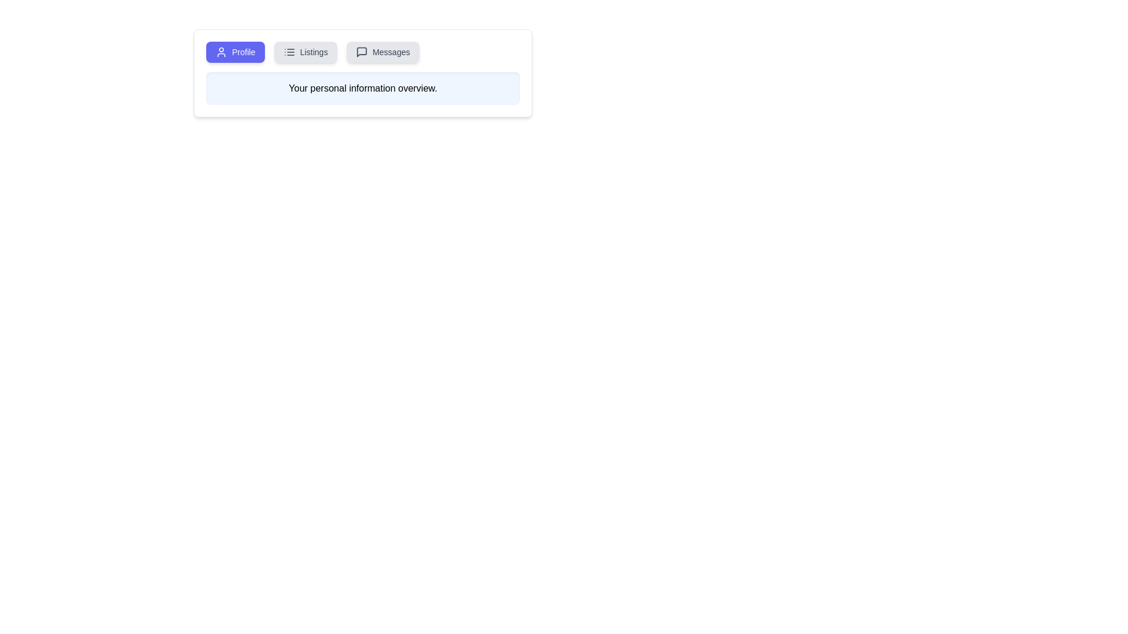 Image resolution: width=1128 pixels, height=634 pixels. What do you see at coordinates (234, 51) in the screenshot?
I see `the Profile tab by clicking on it` at bounding box center [234, 51].